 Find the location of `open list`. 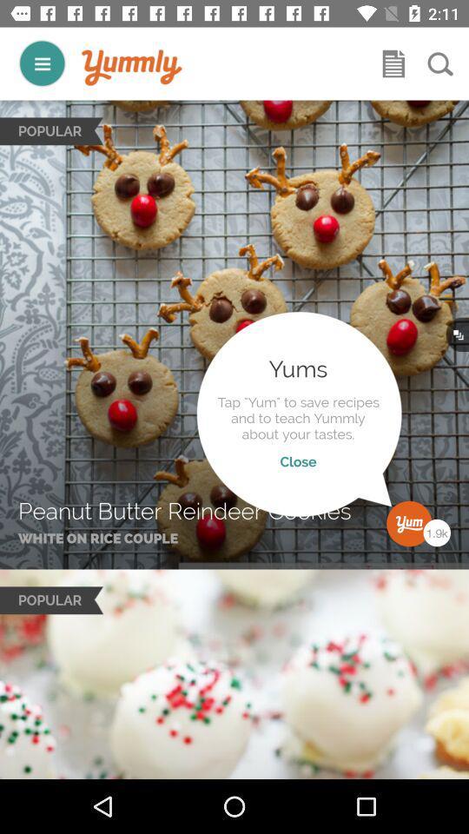

open list is located at coordinates (393, 63).